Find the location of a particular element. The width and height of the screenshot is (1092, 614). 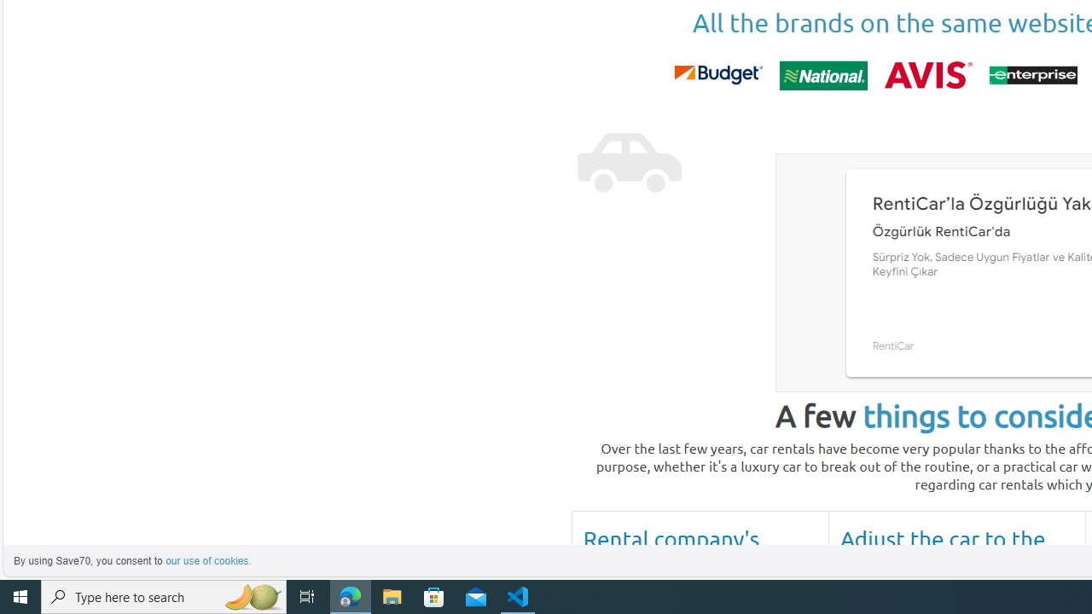

'RentiCar' is located at coordinates (892, 345).